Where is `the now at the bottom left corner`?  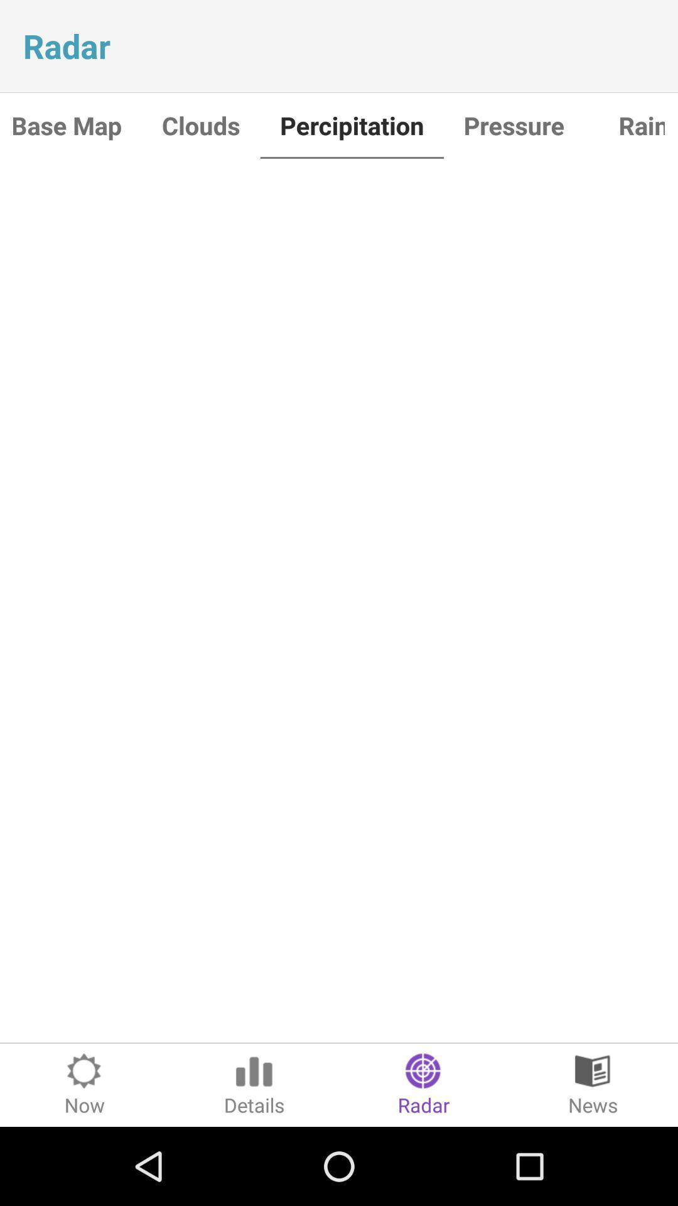 the now at the bottom left corner is located at coordinates (85, 1084).